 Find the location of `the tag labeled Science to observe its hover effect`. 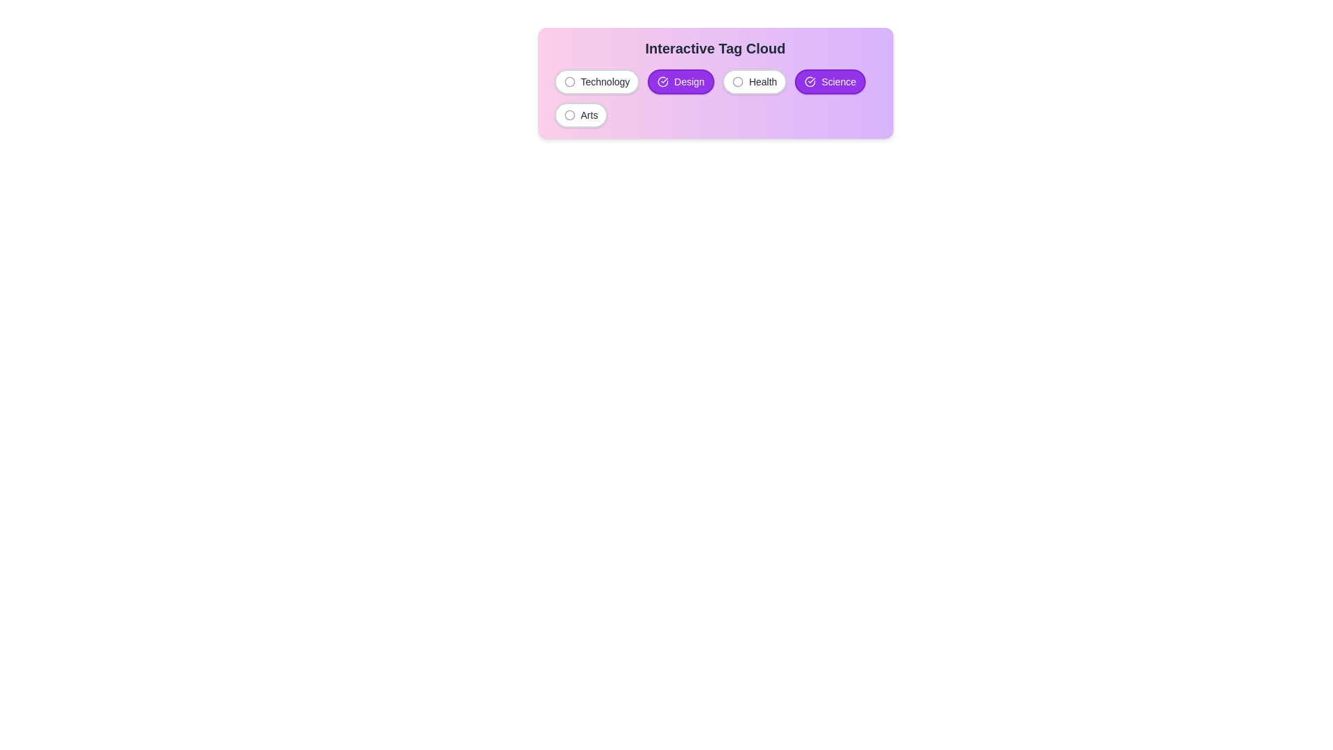

the tag labeled Science to observe its hover effect is located at coordinates (830, 82).